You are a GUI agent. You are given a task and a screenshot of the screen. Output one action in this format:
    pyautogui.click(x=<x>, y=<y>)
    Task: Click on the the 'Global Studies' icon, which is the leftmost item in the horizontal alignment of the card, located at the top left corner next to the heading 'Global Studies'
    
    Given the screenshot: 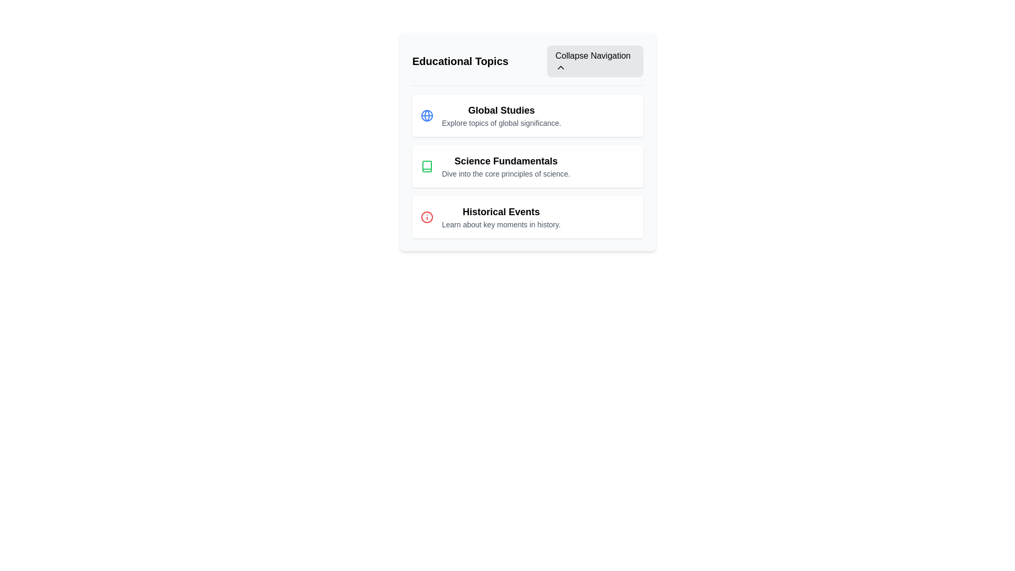 What is the action you would take?
    pyautogui.click(x=427, y=116)
    